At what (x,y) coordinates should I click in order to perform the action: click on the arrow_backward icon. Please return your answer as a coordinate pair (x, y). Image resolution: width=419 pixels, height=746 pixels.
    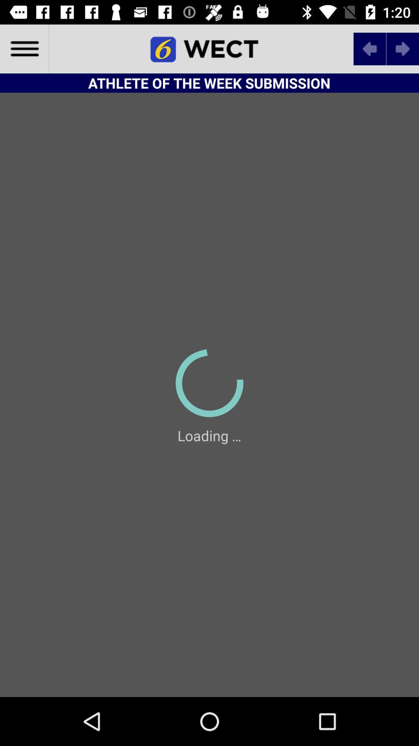
    Looking at the image, I should click on (369, 48).